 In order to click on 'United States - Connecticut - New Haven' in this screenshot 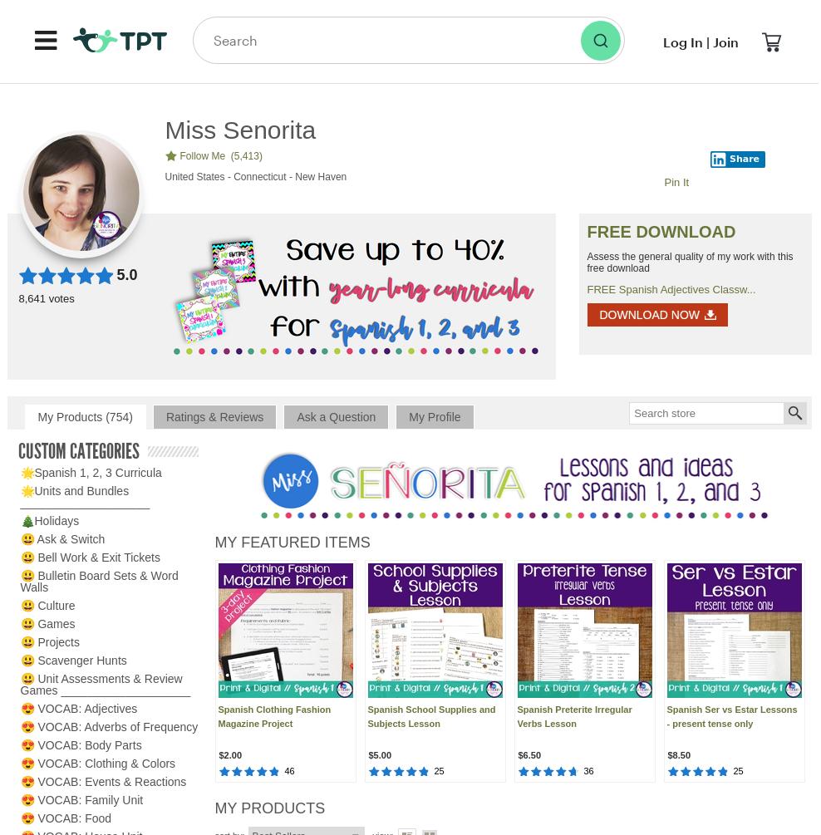, I will do `click(254, 174)`.